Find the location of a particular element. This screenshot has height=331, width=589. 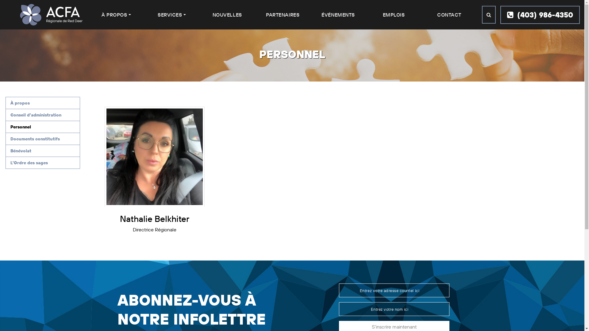

'PARTENAIRES' is located at coordinates (282, 14).